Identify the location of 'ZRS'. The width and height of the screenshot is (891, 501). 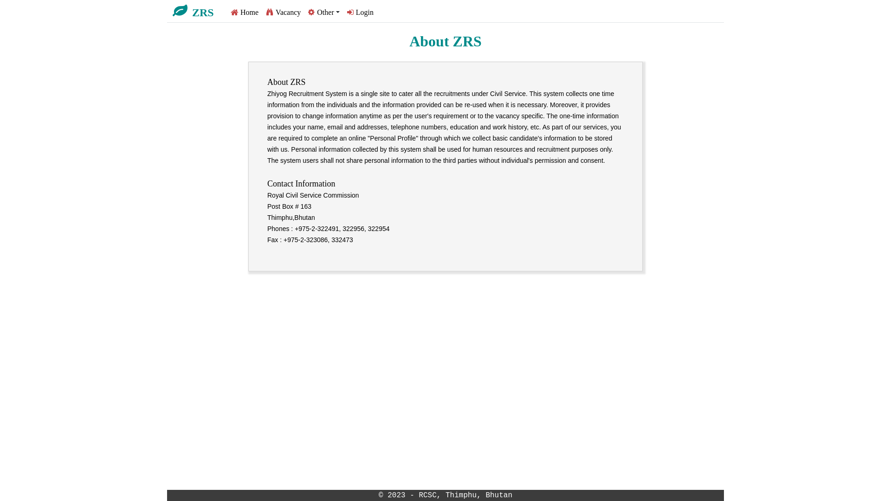
(197, 11).